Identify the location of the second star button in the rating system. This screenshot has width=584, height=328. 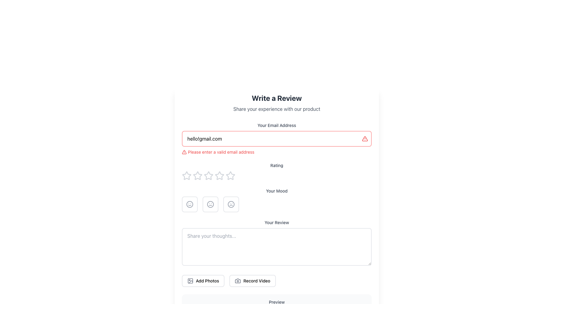
(209, 176).